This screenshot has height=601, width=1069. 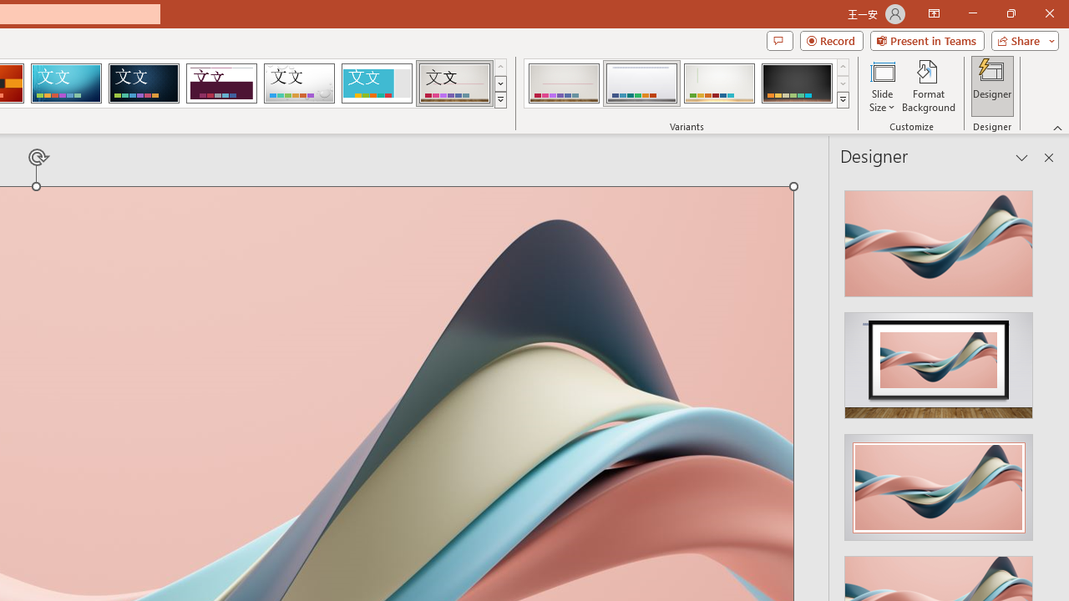 I want to click on 'Gallery Variant 4', so click(x=796, y=83).